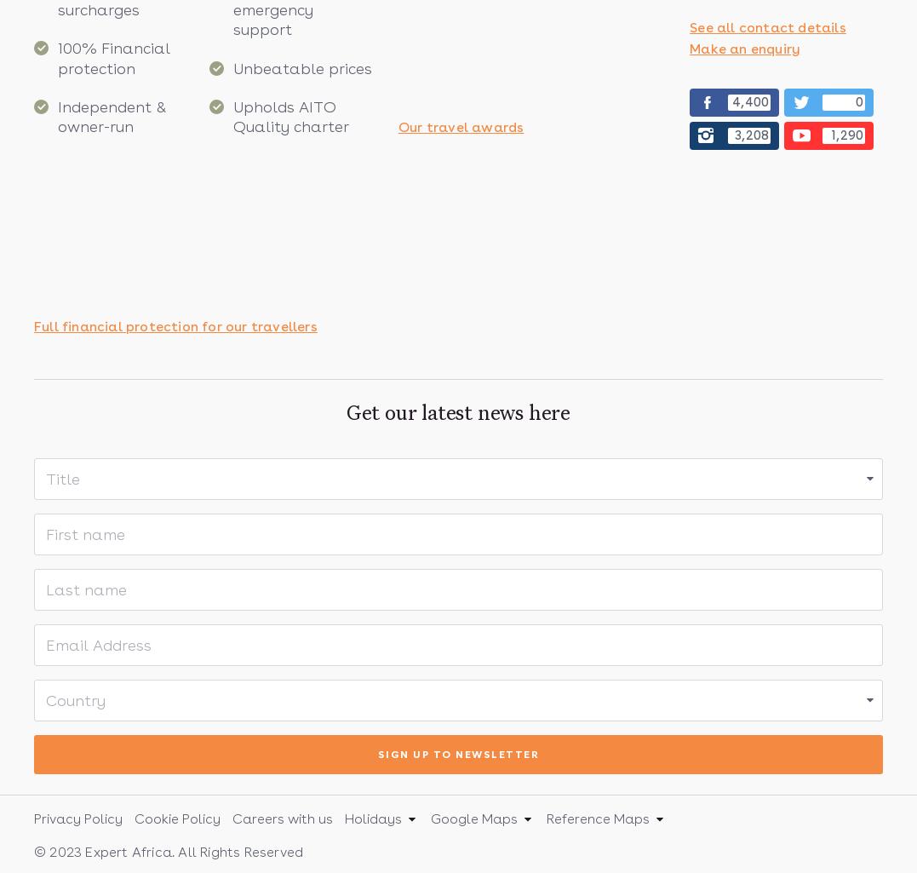  Describe the element at coordinates (175, 325) in the screenshot. I see `'Full financial protection for our travellers'` at that location.